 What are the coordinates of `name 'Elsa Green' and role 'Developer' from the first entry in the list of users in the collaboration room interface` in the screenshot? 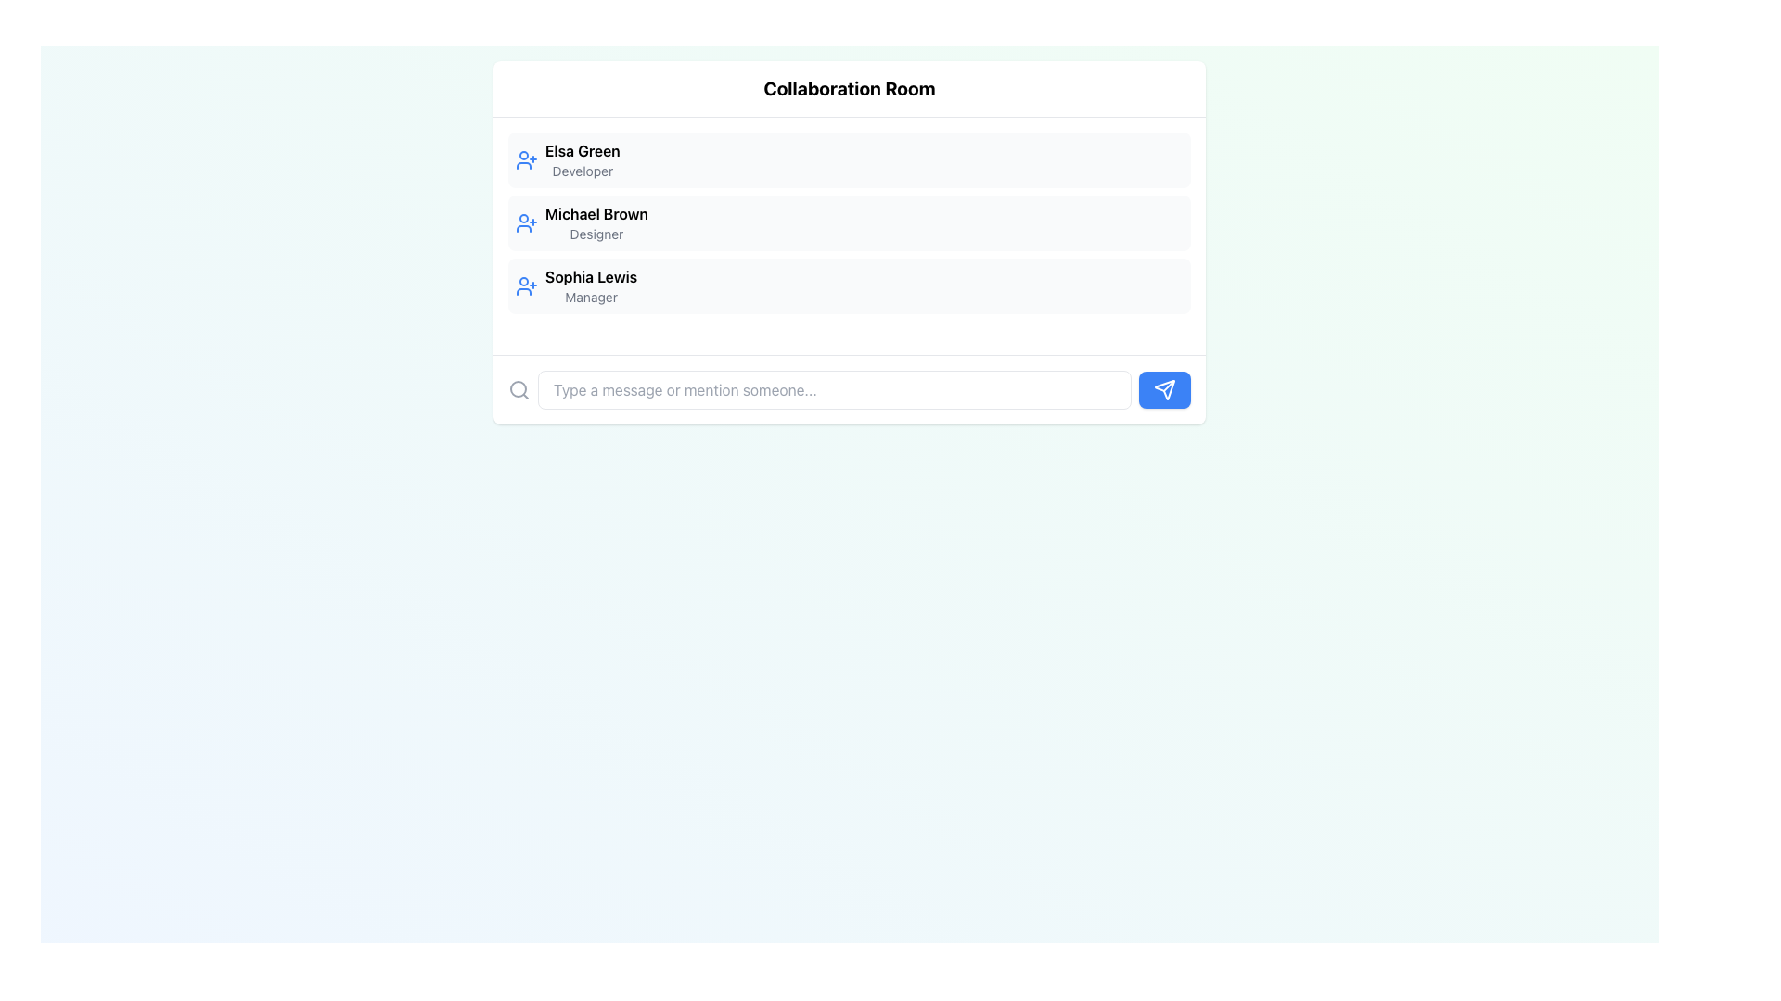 It's located at (582, 159).